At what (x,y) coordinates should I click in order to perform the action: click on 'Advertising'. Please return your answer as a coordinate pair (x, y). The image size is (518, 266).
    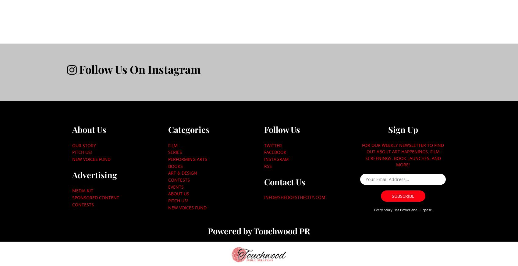
    Looking at the image, I should click on (94, 174).